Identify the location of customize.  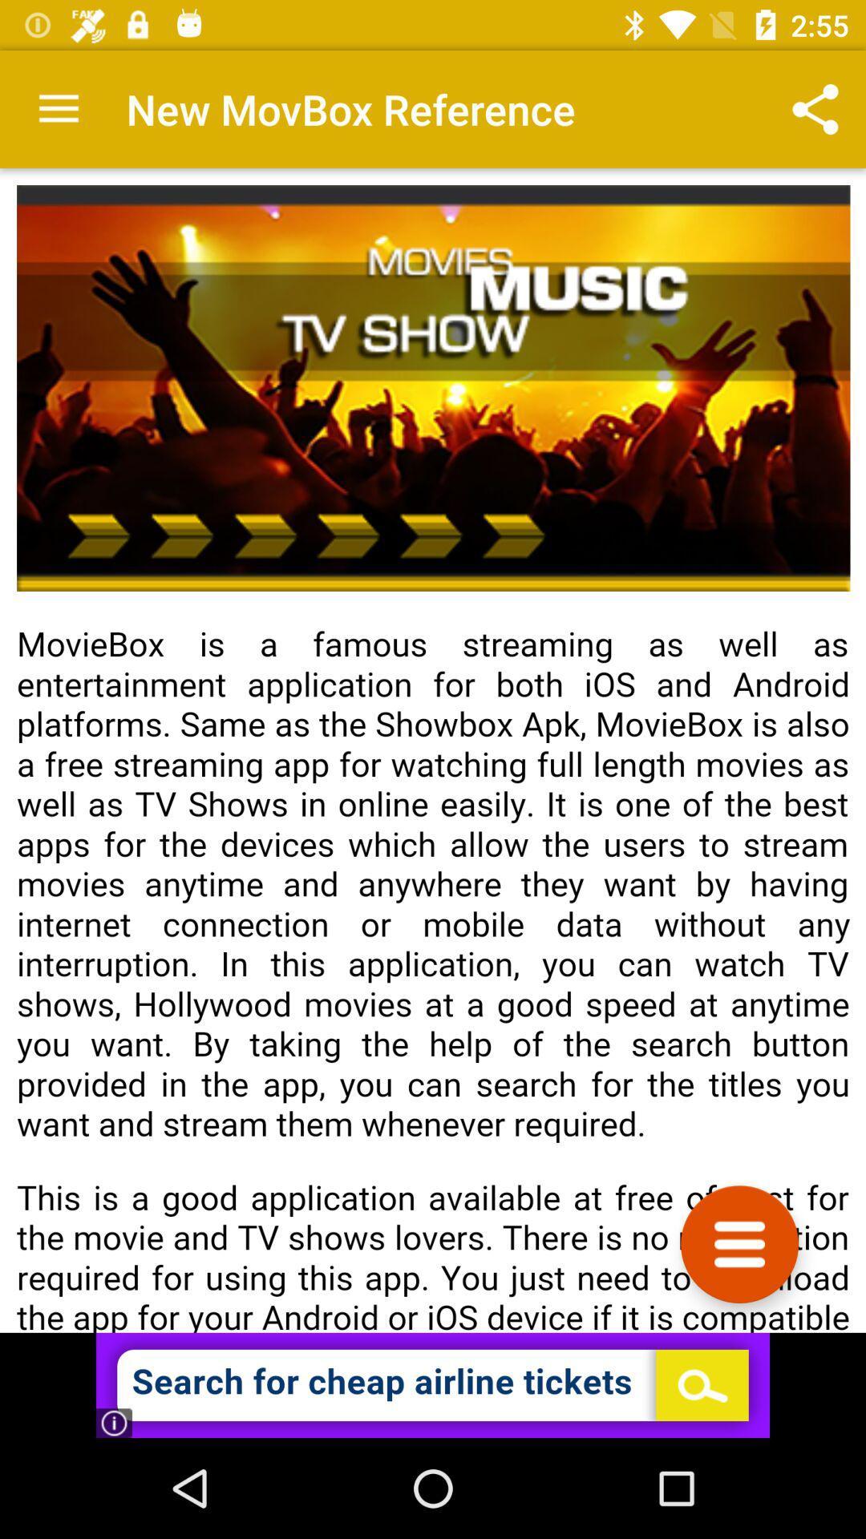
(739, 1243).